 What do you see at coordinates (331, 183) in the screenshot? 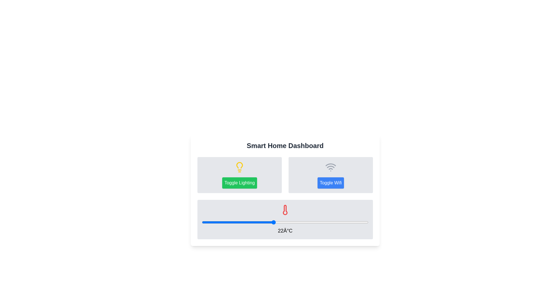
I see `the WiFi toggle button located in the top-right quadrant of the smart home dashboard, directly below the WiFi icon, to possibly view a tooltip` at bounding box center [331, 183].